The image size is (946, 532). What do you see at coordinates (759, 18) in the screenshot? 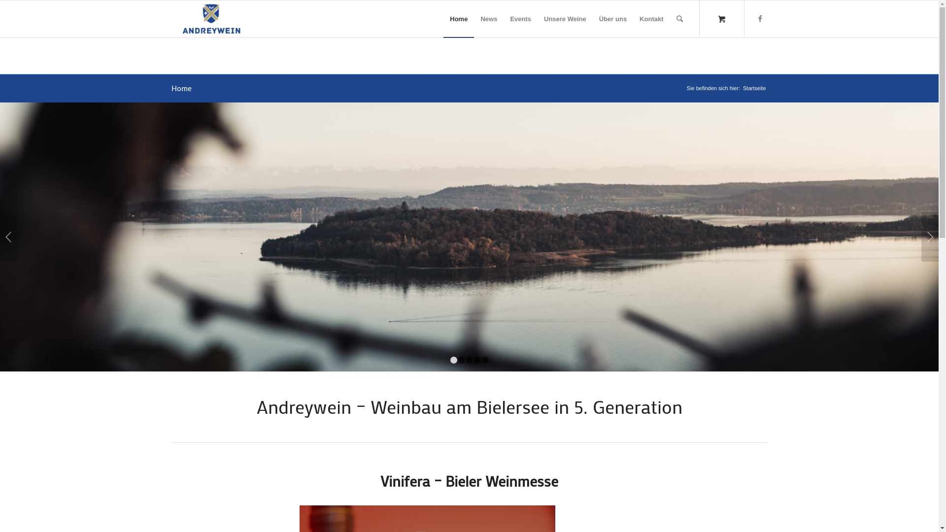
I see `'Facebook'` at bounding box center [759, 18].